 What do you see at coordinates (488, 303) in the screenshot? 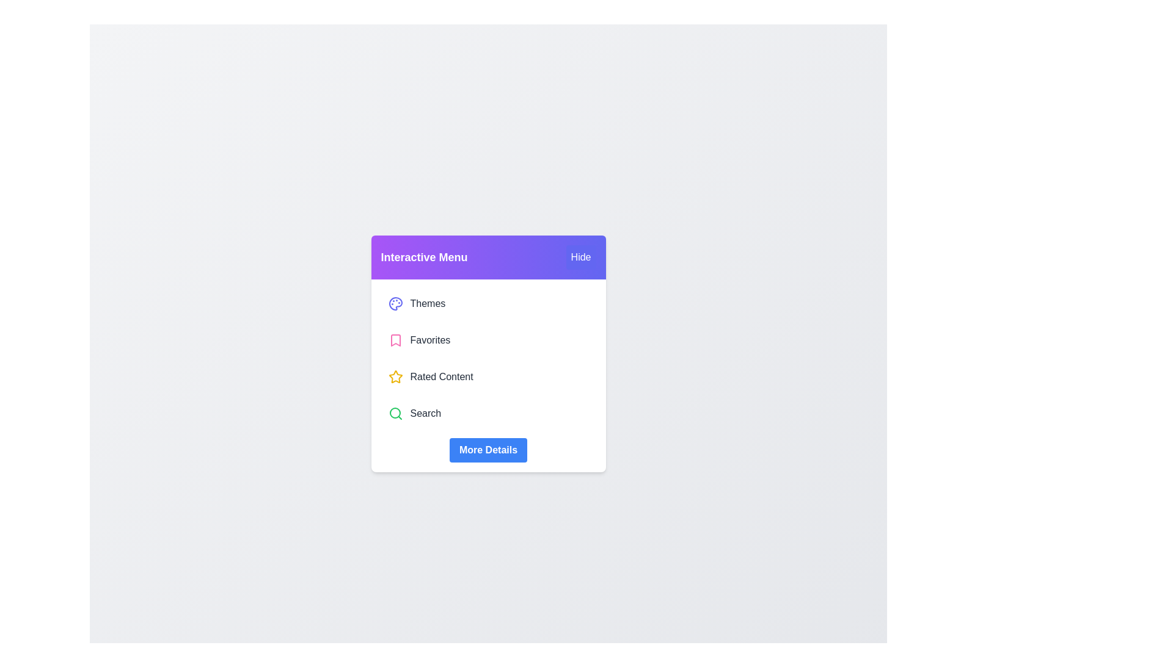
I see `the menu item labeled Themes to observe its hover effect` at bounding box center [488, 303].